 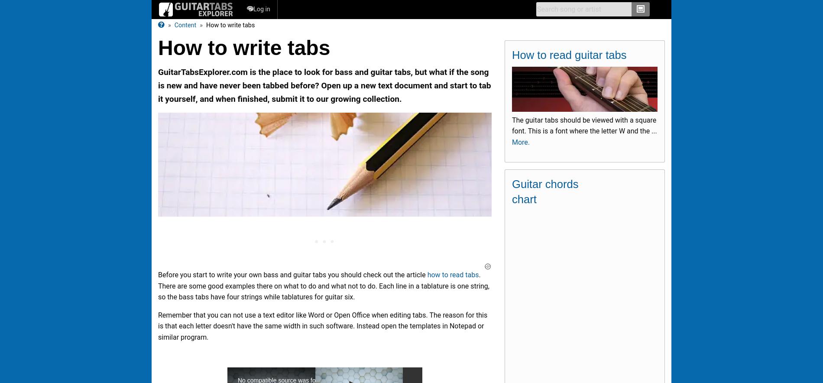 I want to click on 'Remember that you can not use a text editor like Word or Open Office when editing tabs. The reason for this is that each letter doesn't have the same width in such software. Instead open the templates in Notepad or similar program.', so click(x=322, y=326).